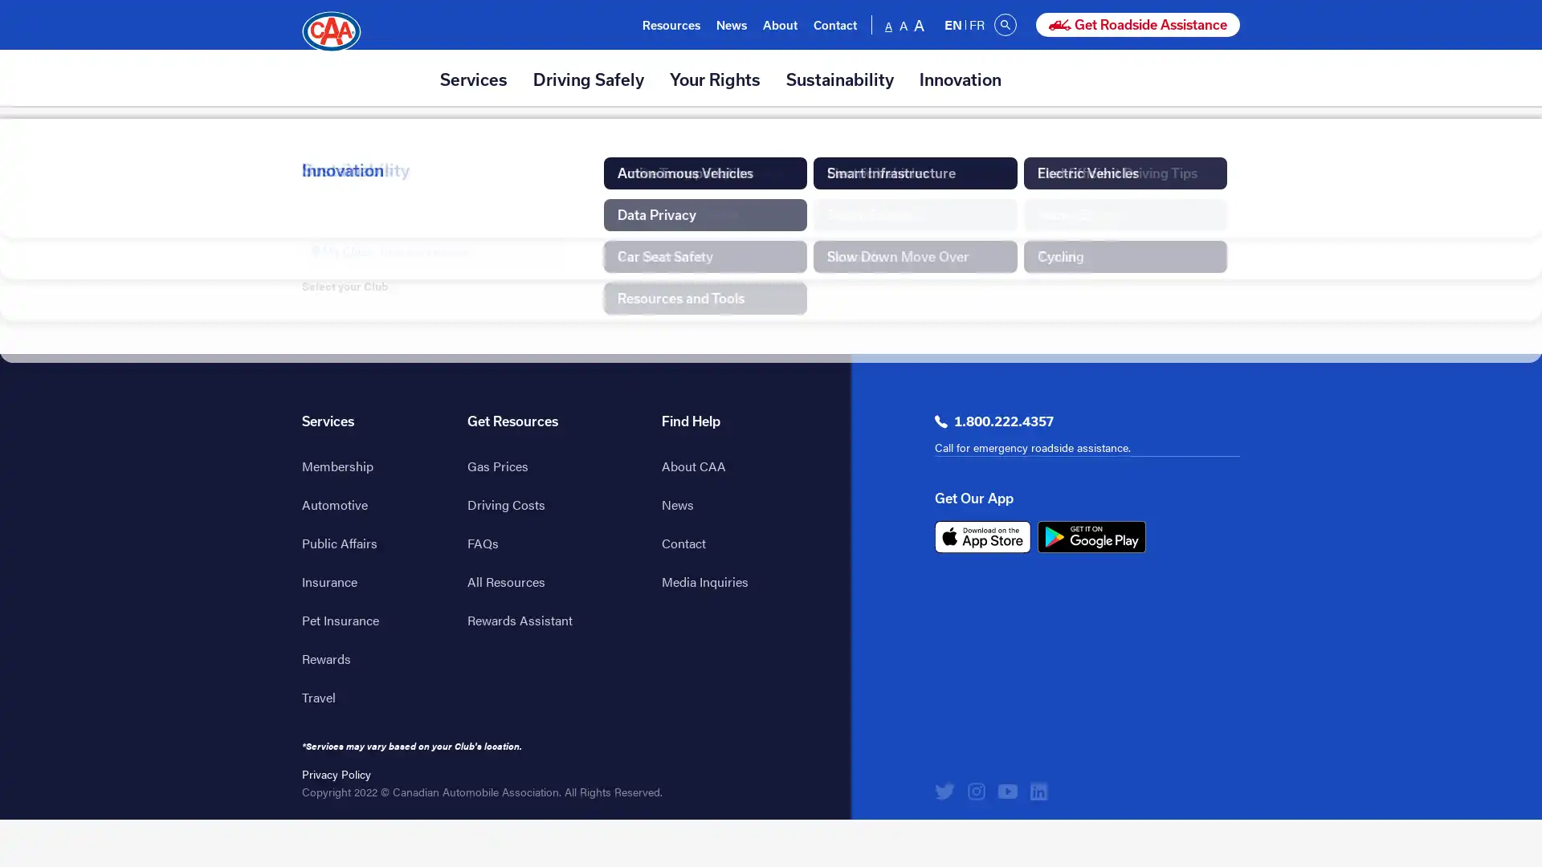 Image resolution: width=1542 pixels, height=867 pixels. I want to click on A, so click(920, 24).